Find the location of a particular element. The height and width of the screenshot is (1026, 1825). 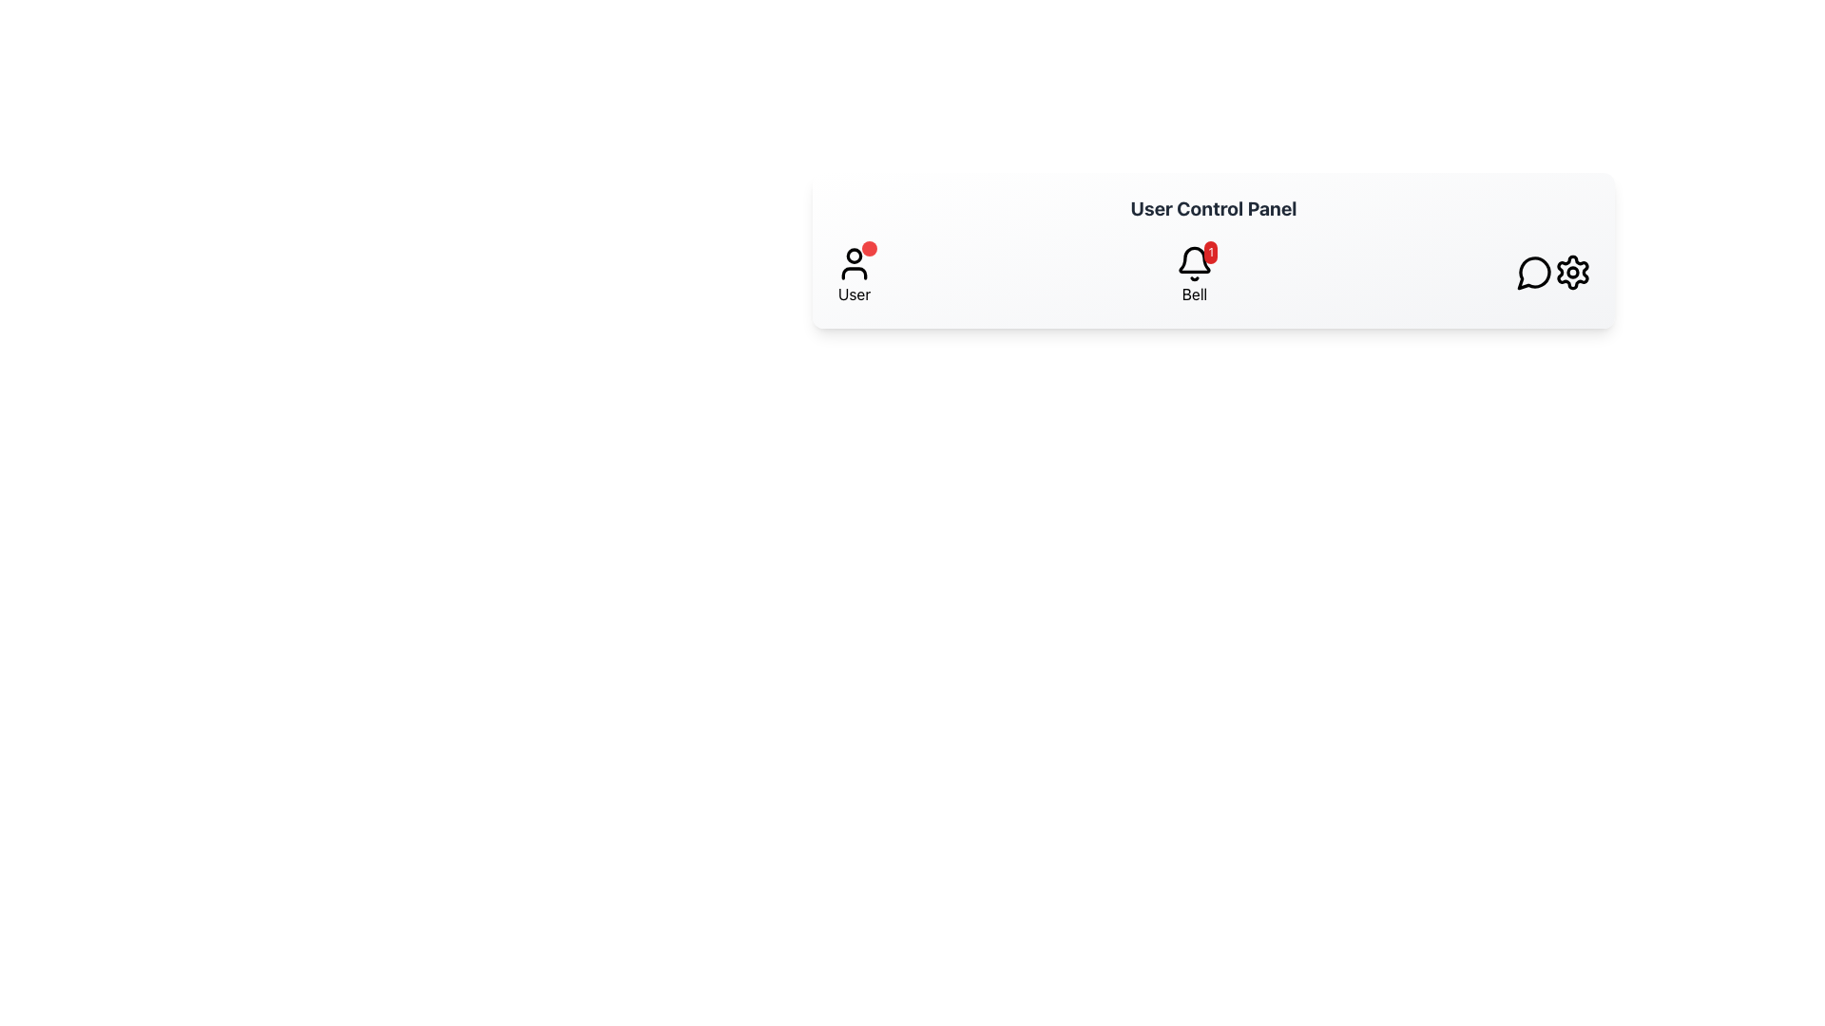

the bell icon styled as a notification button is located at coordinates (1194, 263).